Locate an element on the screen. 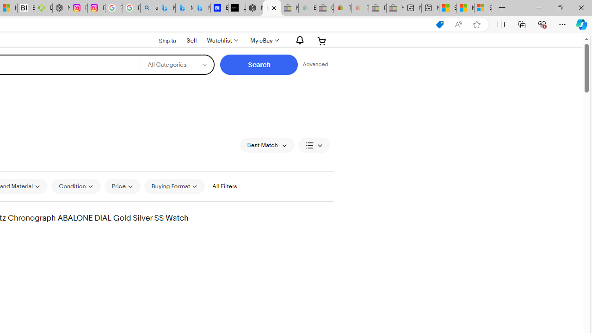 This screenshot has width=592, height=333. 'AutomationID: gh-eb-Alerts' is located at coordinates (298, 40).